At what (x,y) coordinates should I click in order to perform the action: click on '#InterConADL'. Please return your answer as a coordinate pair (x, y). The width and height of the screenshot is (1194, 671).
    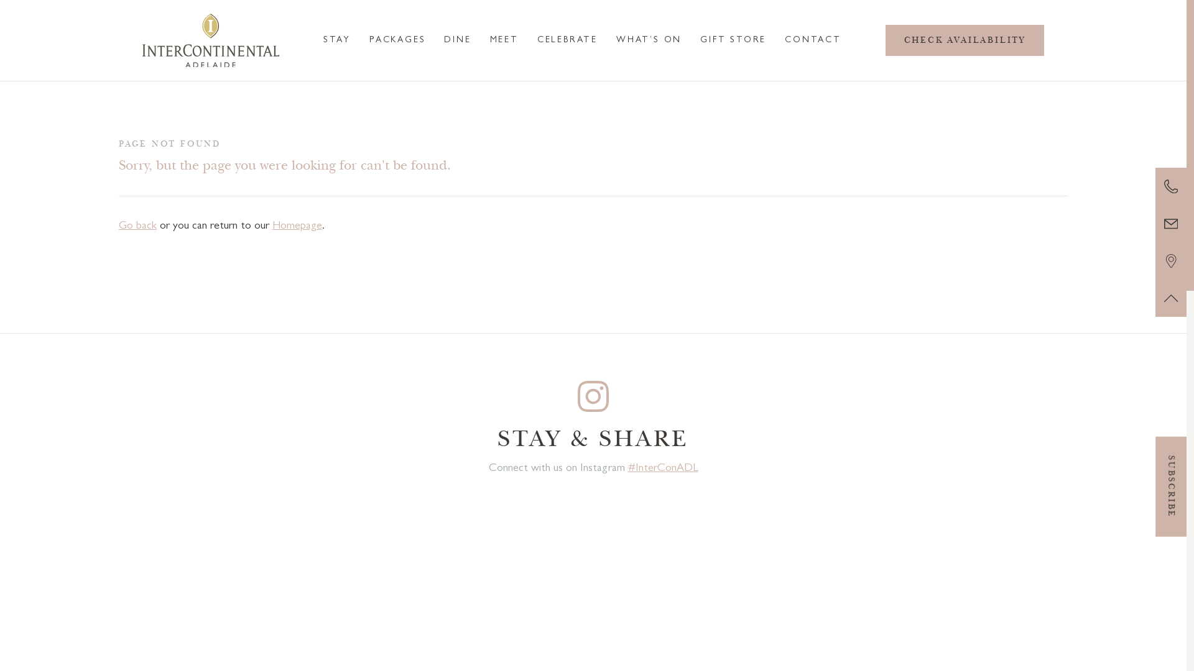
    Looking at the image, I should click on (627, 469).